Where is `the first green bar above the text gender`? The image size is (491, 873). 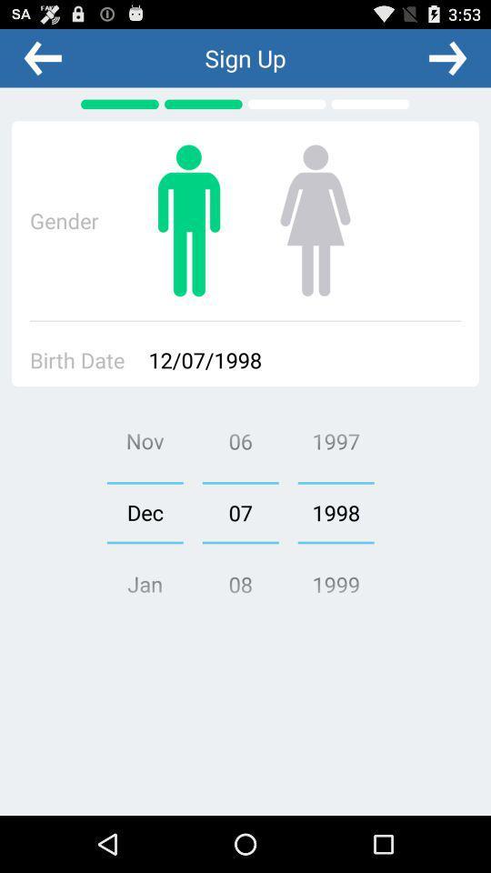
the first green bar above the text gender is located at coordinates (119, 104).